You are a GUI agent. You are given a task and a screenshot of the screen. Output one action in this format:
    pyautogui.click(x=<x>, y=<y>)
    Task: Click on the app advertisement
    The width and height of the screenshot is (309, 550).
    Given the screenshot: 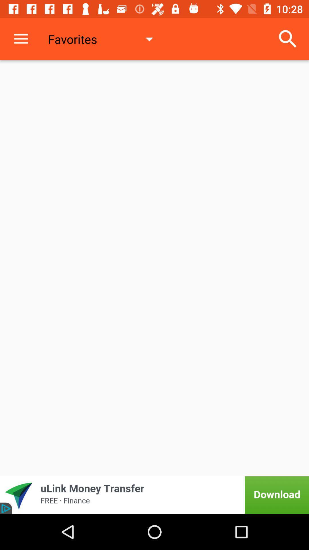 What is the action you would take?
    pyautogui.click(x=154, y=495)
    